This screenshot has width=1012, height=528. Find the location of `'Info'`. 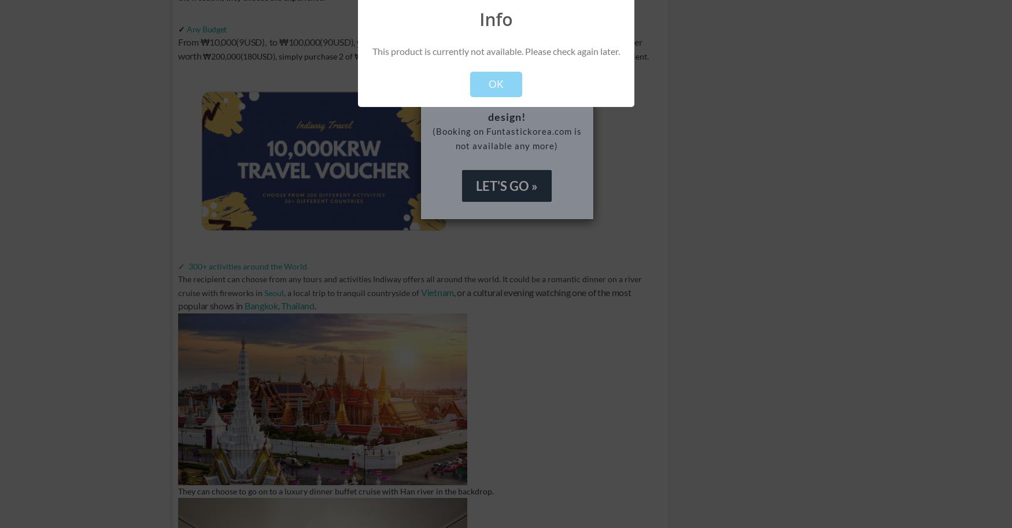

'Info' is located at coordinates (496, 19).